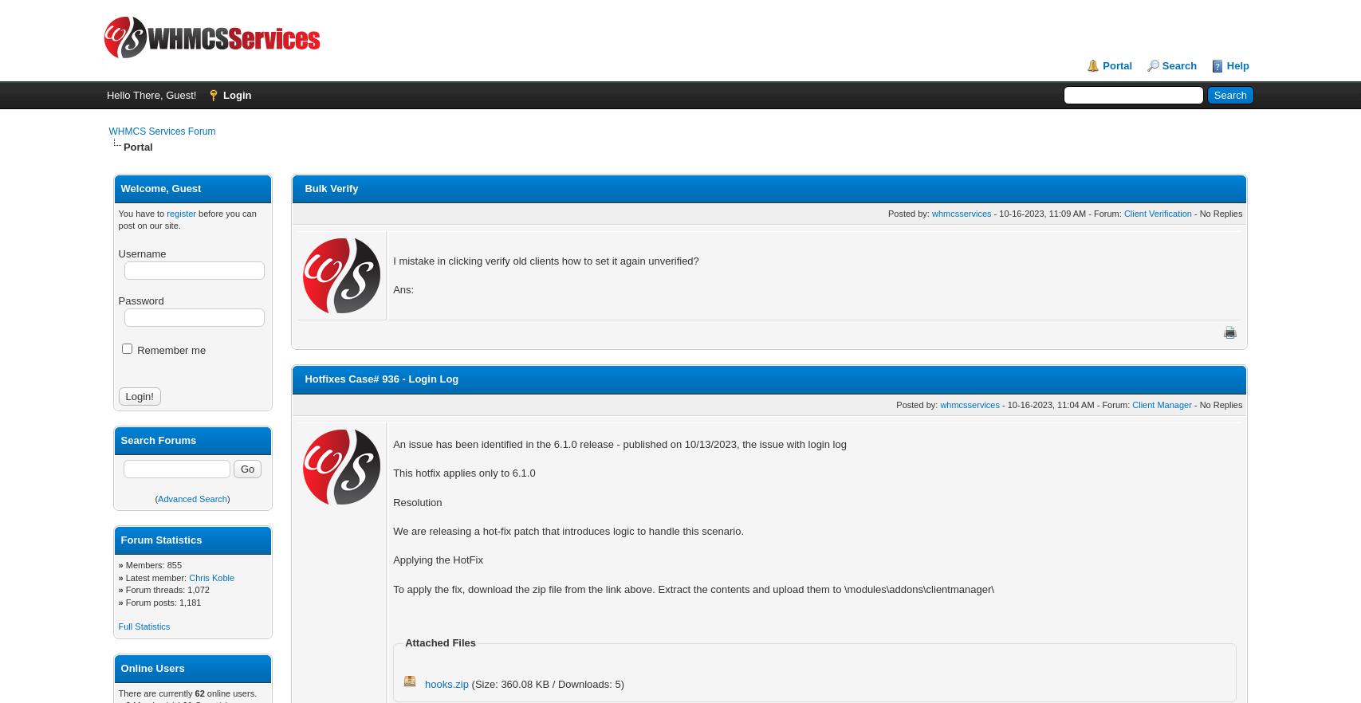 This screenshot has width=1361, height=703. Describe the element at coordinates (990, 212) in the screenshot. I see `'- 10-16-2023, 11:09 AM - Forum:'` at that location.